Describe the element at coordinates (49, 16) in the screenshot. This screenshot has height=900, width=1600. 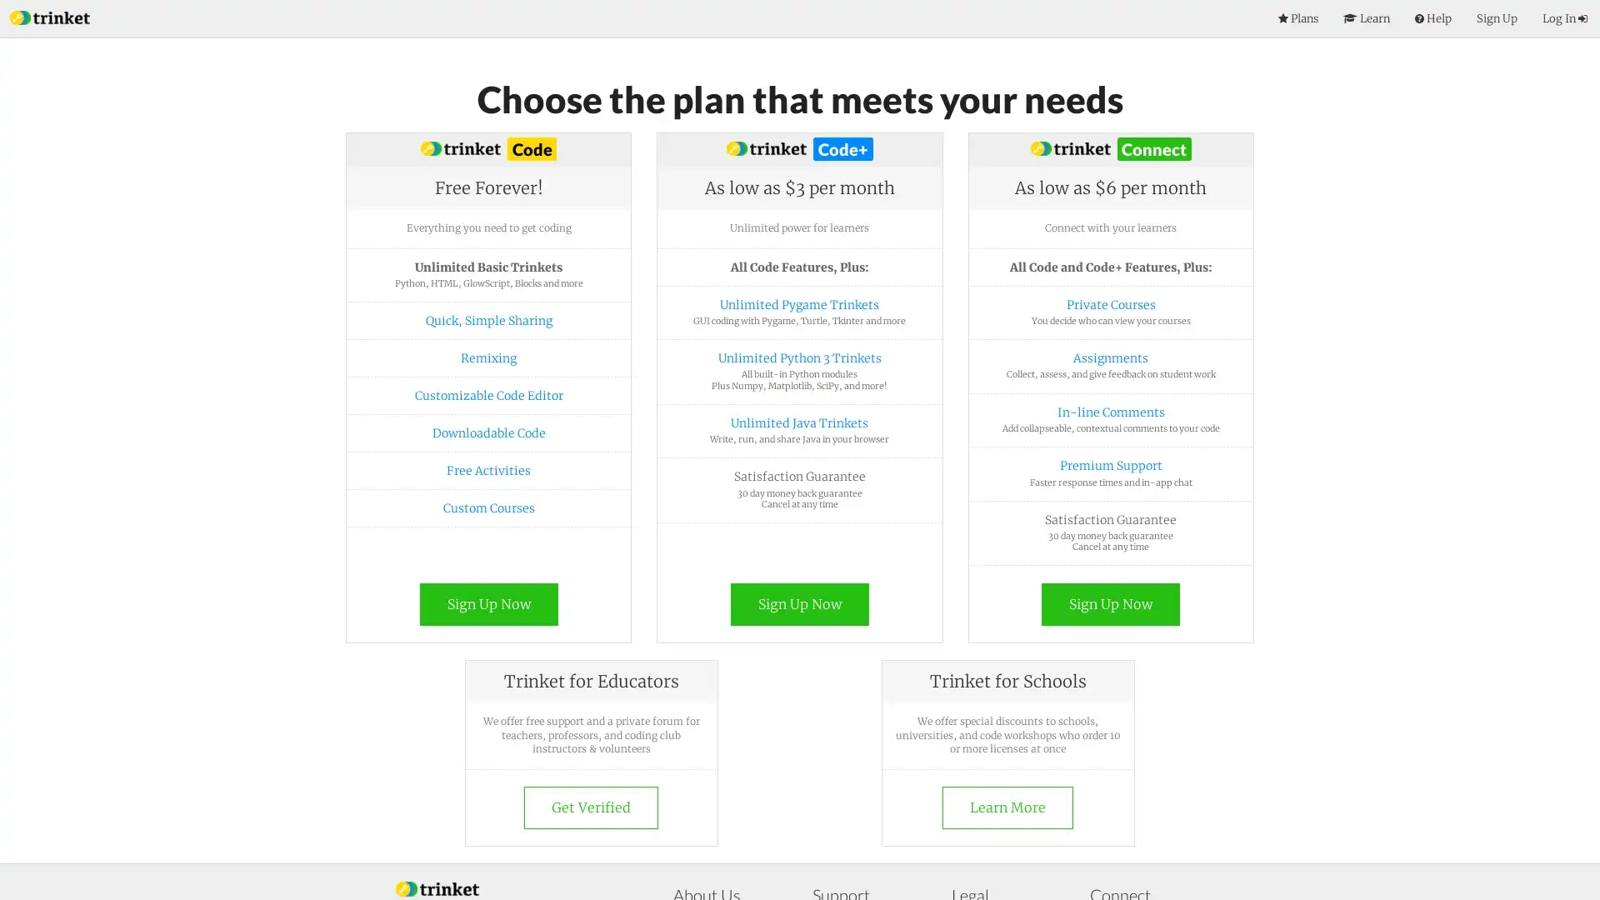
I see `Index Page` at that location.